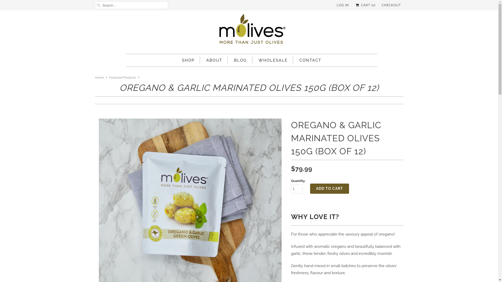 The width and height of the screenshot is (502, 282). Describe the element at coordinates (240, 60) in the screenshot. I see `'BLOG'` at that location.